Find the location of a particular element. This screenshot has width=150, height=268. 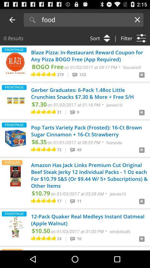

blaze pizza icon is located at coordinates (15, 63).